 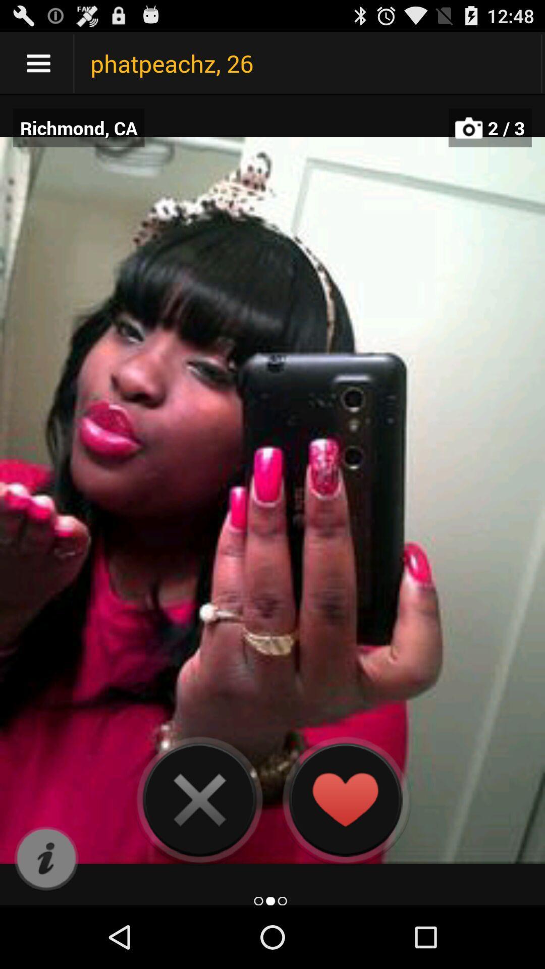 I want to click on favorite, so click(x=344, y=799).